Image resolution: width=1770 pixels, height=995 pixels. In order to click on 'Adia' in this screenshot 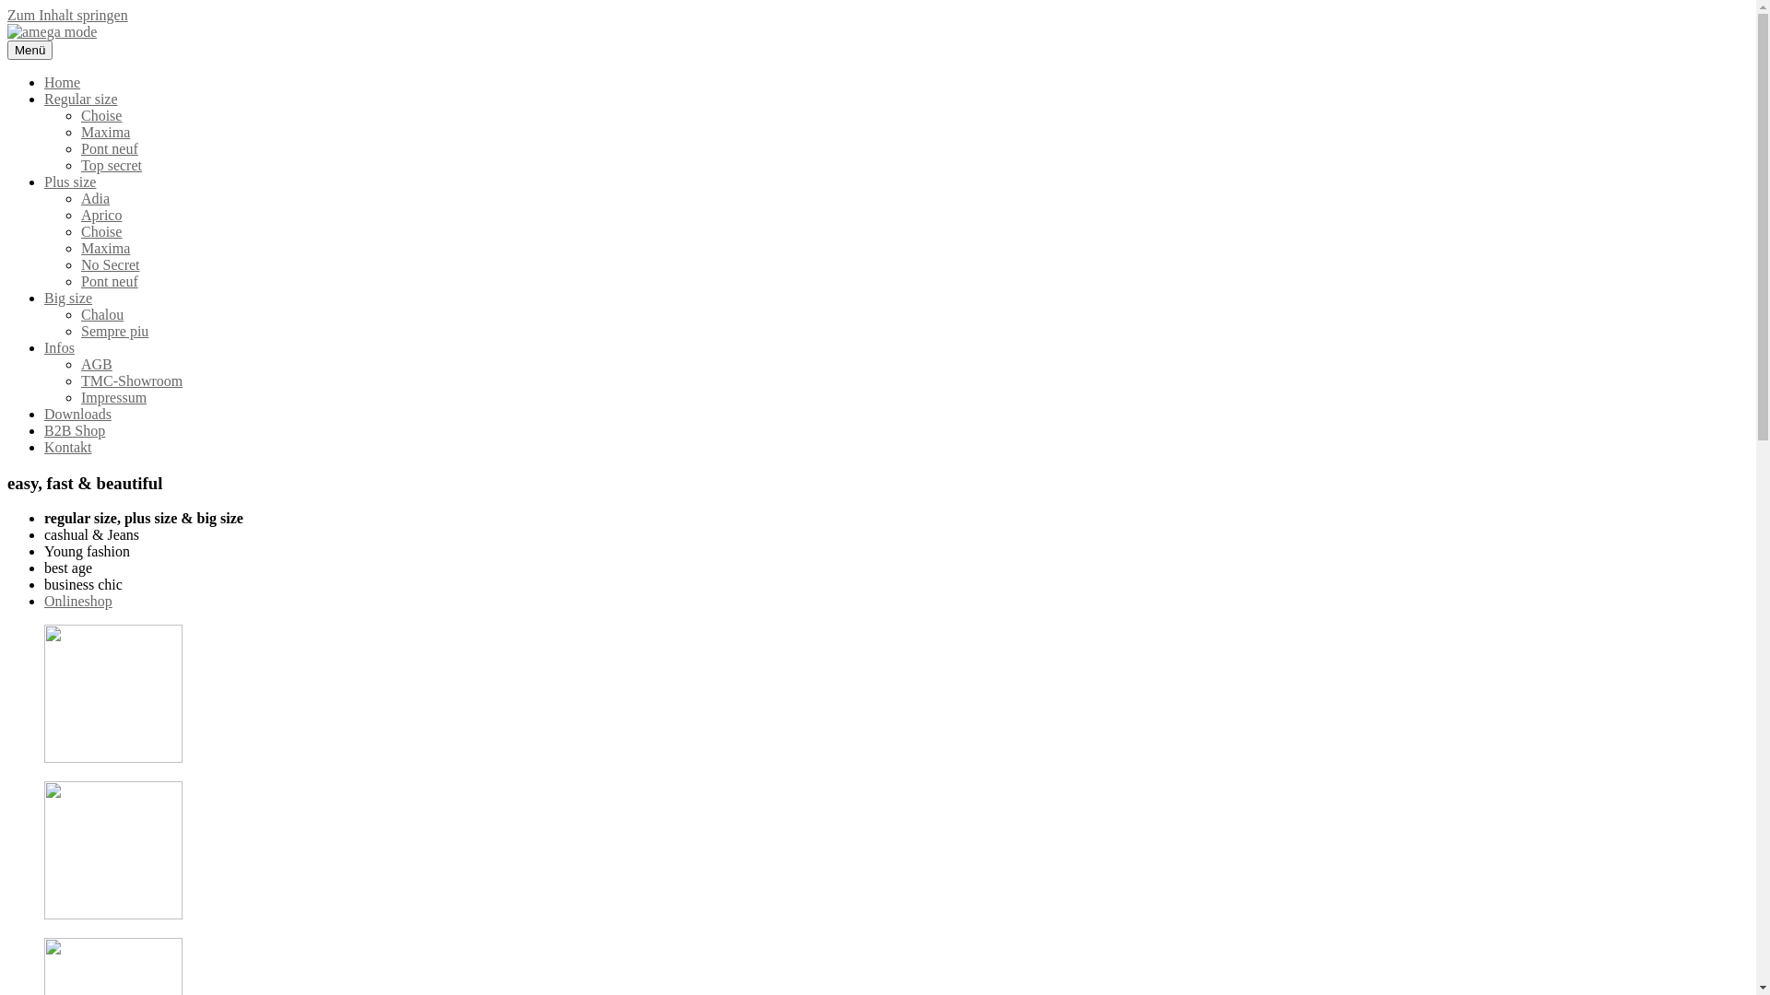, I will do `click(94, 198)`.